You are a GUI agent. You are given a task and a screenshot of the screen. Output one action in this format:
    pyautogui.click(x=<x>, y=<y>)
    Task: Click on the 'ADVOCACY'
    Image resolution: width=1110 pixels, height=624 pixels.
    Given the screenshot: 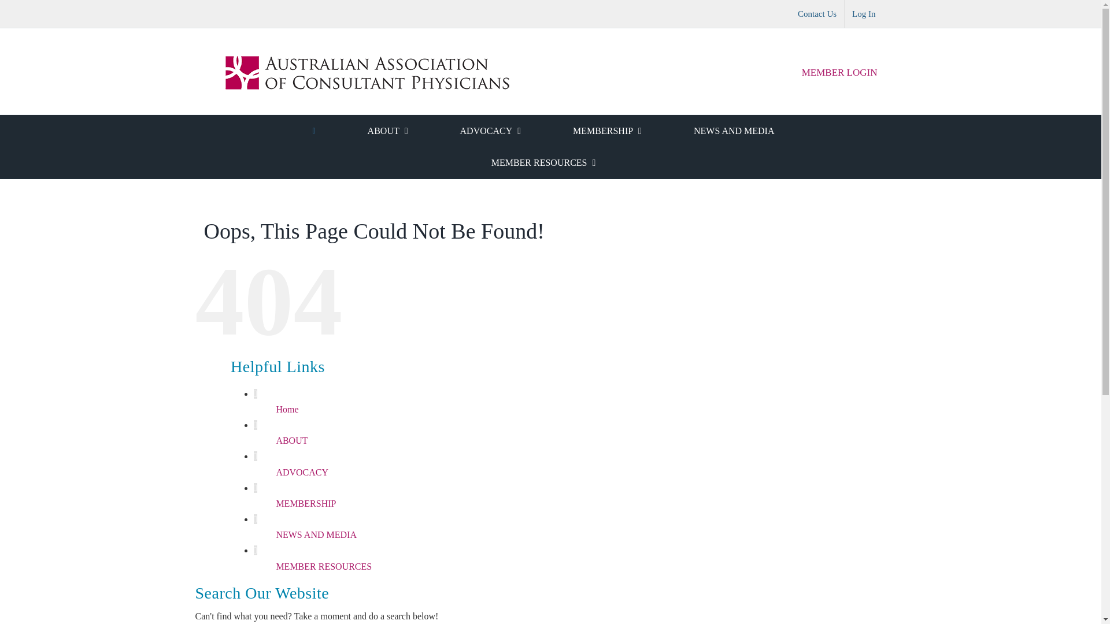 What is the action you would take?
    pyautogui.click(x=490, y=130)
    